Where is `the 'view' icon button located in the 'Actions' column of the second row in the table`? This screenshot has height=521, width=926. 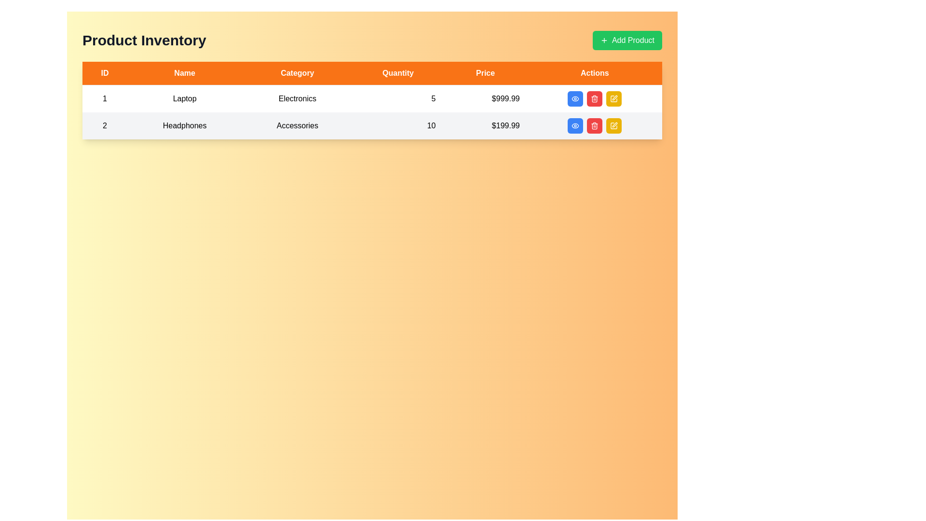
the 'view' icon button located in the 'Actions' column of the second row in the table is located at coordinates (575, 125).